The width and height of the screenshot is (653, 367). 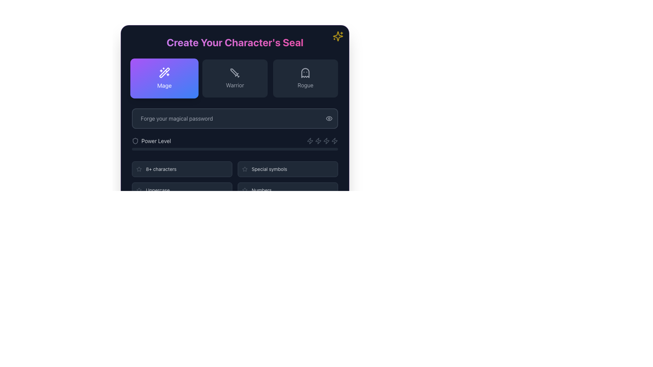 I want to click on the star icon indicating the 'Numbers' feature, which is positioned to the left of the 'Numbers' text label in the lower section of the form interface, so click(x=245, y=190).